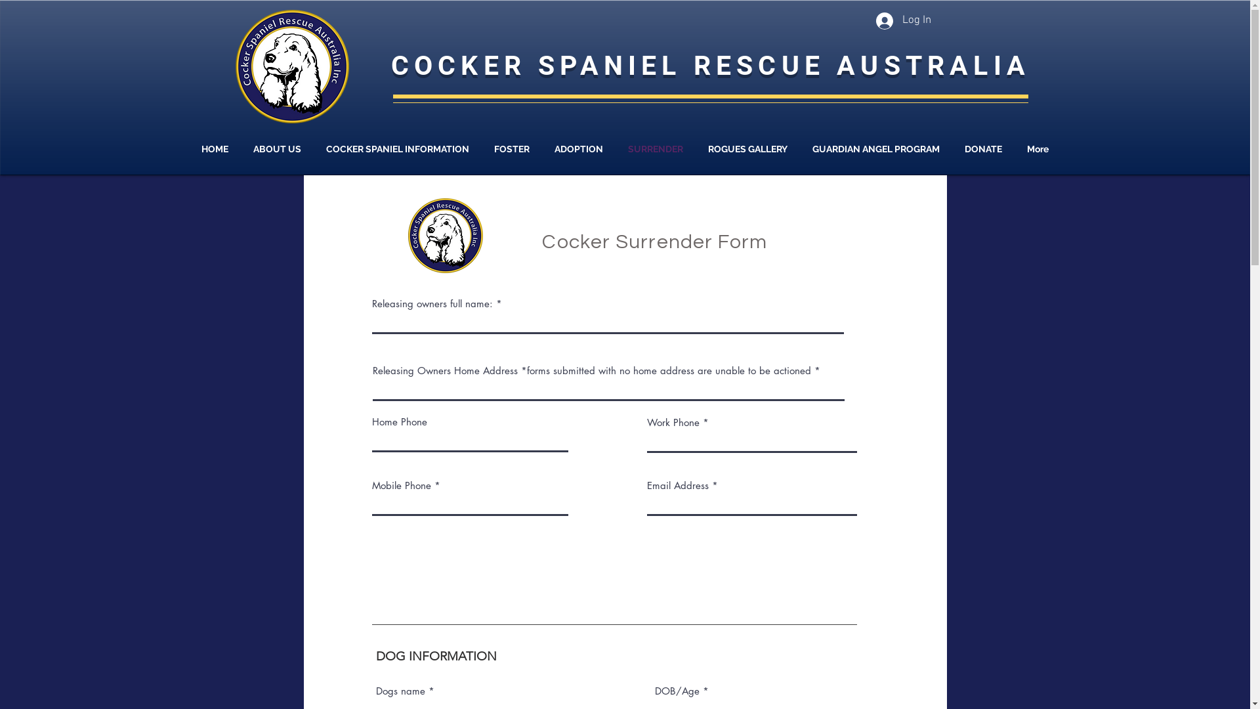  I want to click on 'SURRENDER', so click(655, 148).